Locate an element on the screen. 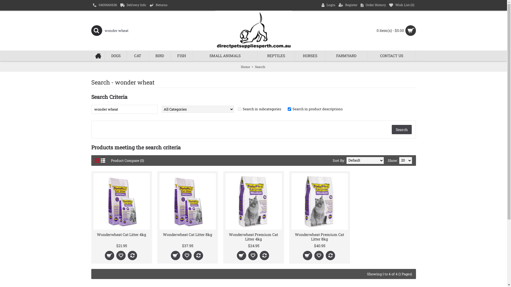  'Wonderwheat Cat Litter 8kg' is located at coordinates (187, 201).